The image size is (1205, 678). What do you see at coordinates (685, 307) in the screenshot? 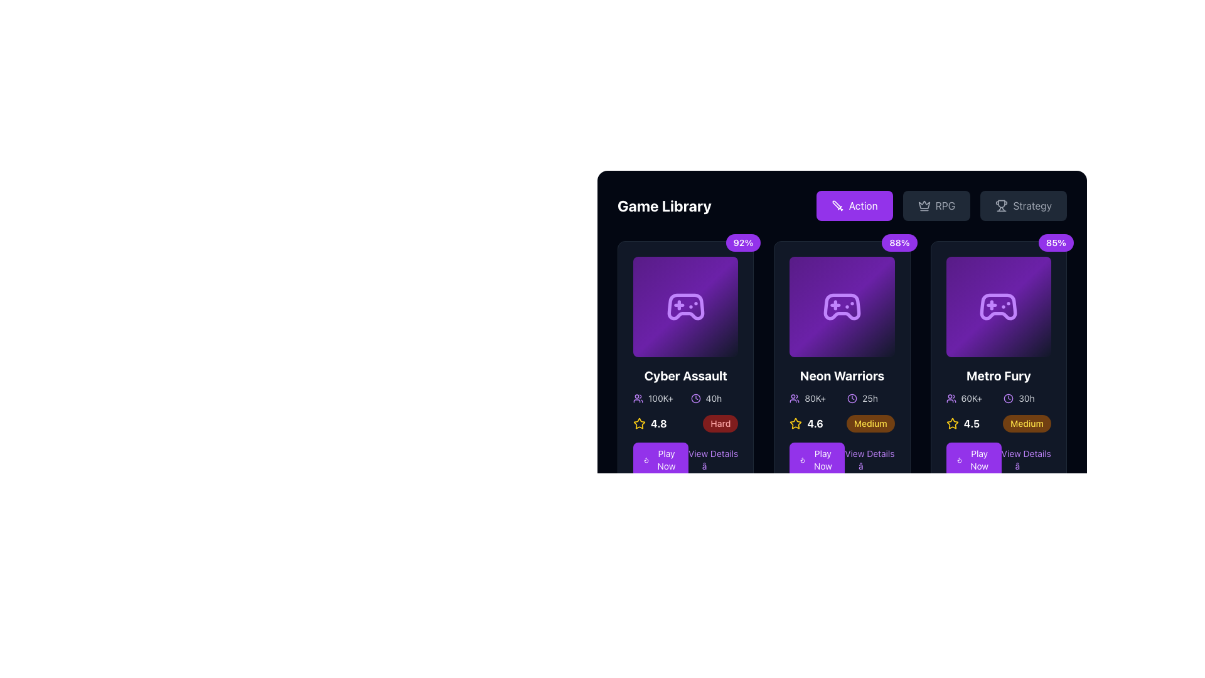
I see `the icon representing the game 'Cyber Assault', located in the top half of its card, directly above the text` at bounding box center [685, 307].